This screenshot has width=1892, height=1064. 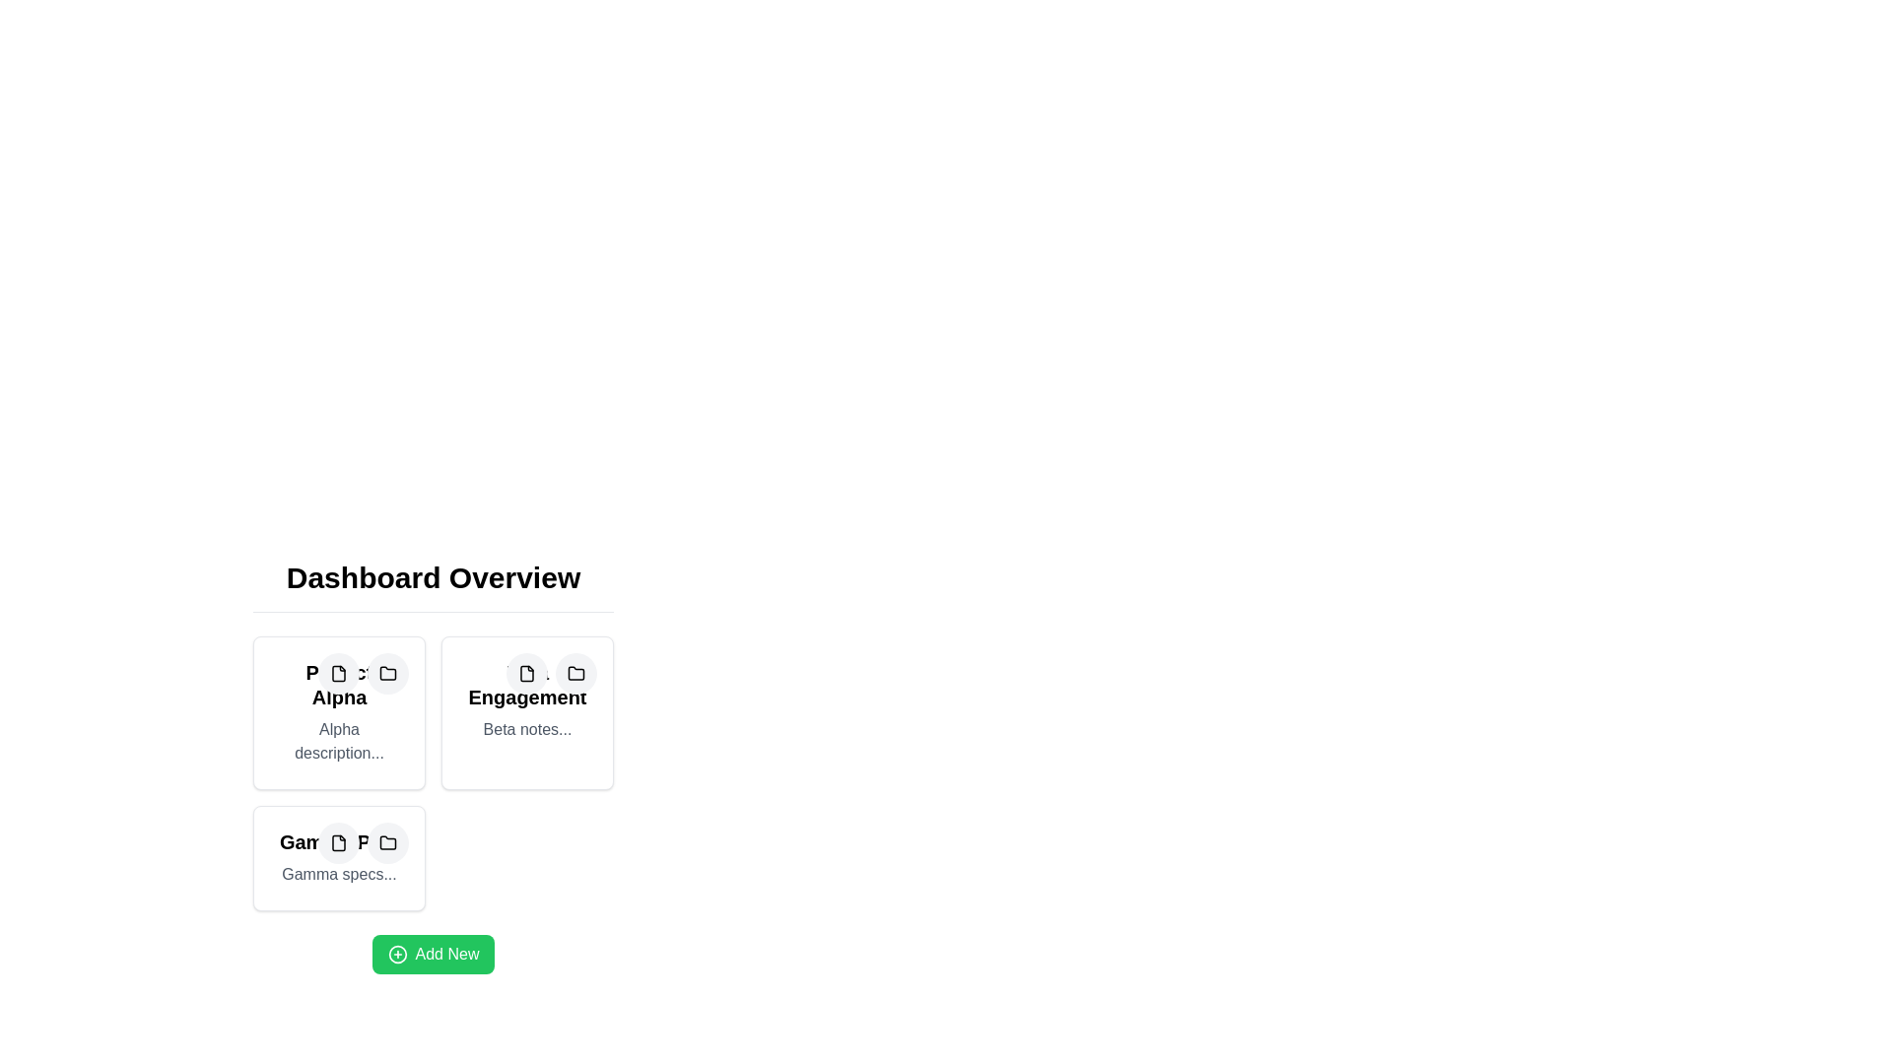 What do you see at coordinates (527, 713) in the screenshot?
I see `the 'Beta Engagement' project card located in the second column of the first row to activate additional visual effects` at bounding box center [527, 713].